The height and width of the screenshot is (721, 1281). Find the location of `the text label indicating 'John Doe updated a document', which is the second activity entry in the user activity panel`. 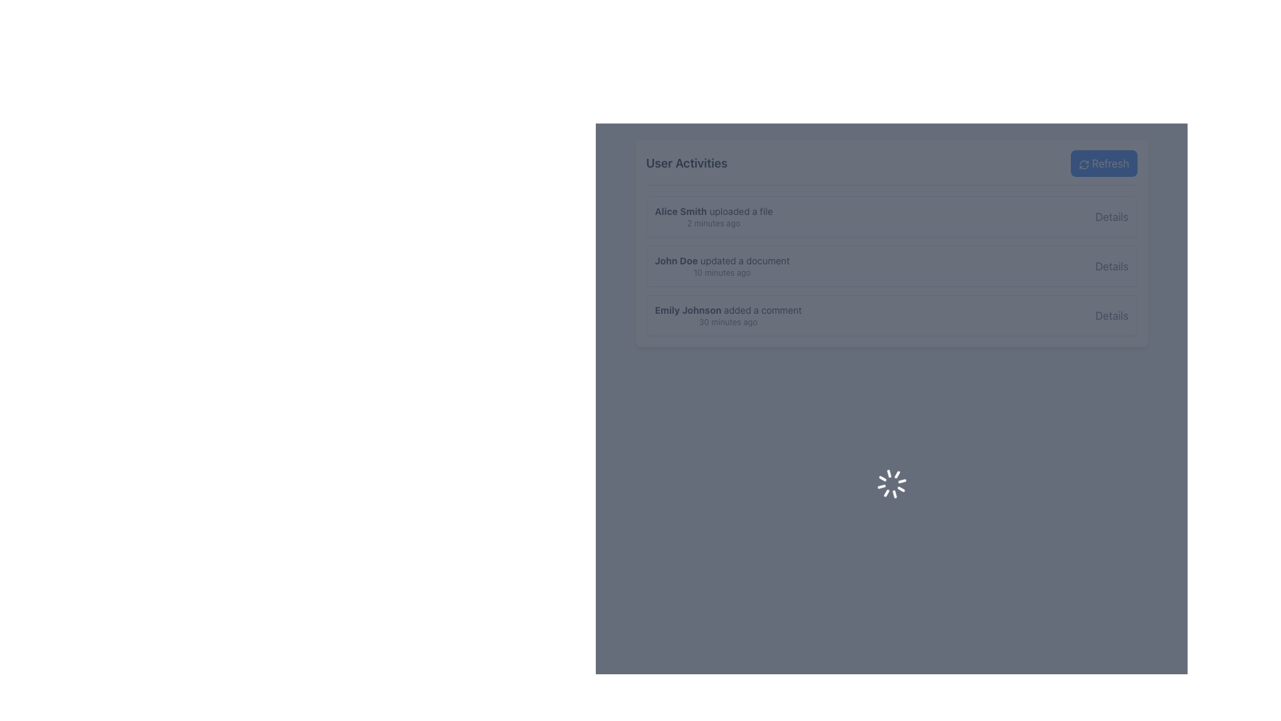

the text label indicating 'John Doe updated a document', which is the second activity entry in the user activity panel is located at coordinates (721, 260).